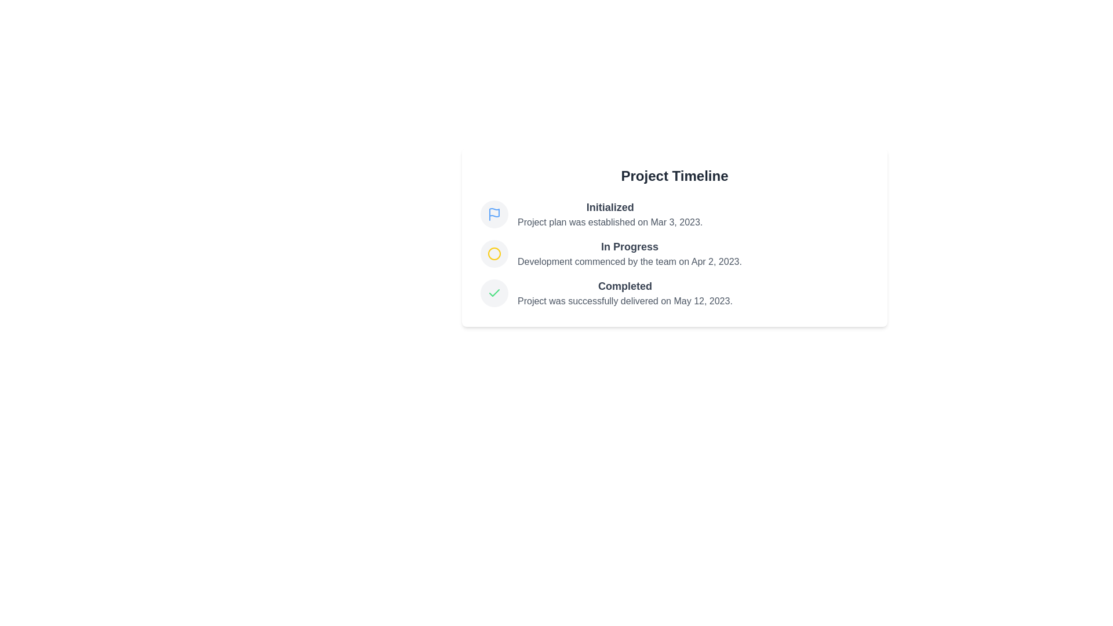 This screenshot has height=626, width=1113. I want to click on the small flag-shaped icon with a blue outline, located in the top-left corner of the 'Project Timeline' card, next to the text 'Initialized', so click(494, 214).